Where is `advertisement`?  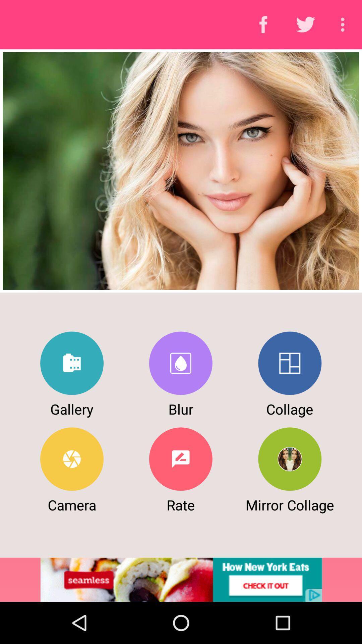
advertisement is located at coordinates (181, 579).